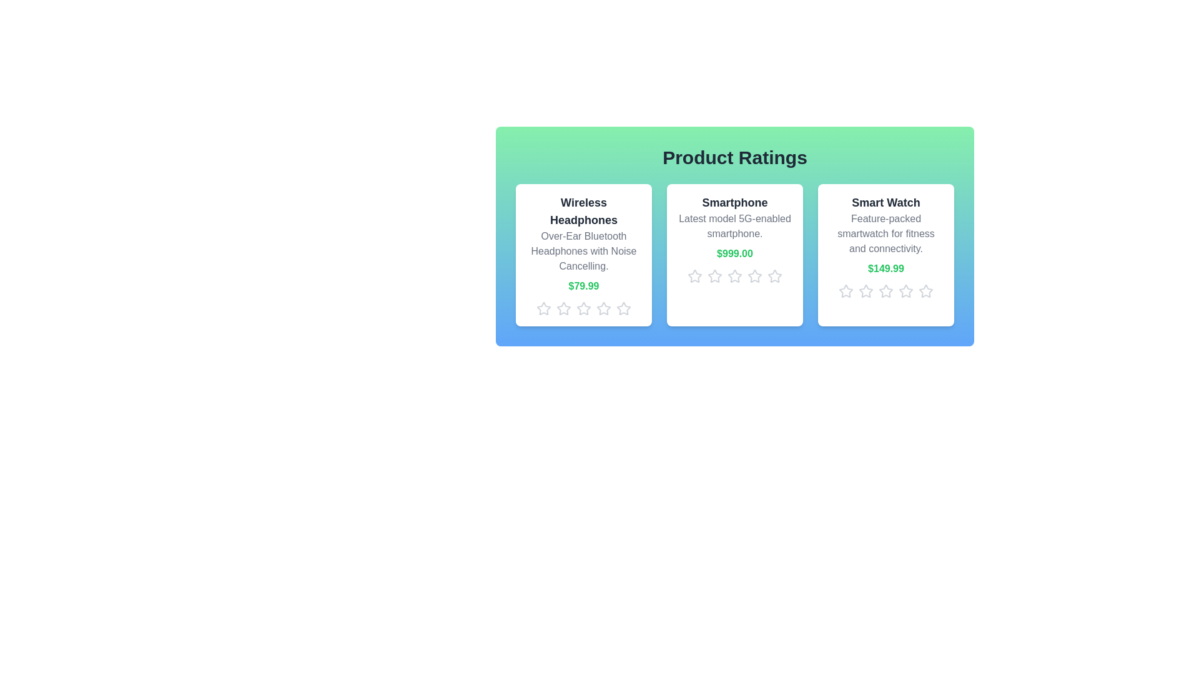 This screenshot has height=674, width=1199. What do you see at coordinates (774, 276) in the screenshot?
I see `the star icon corresponding to 5 stars for the product Smartphone` at bounding box center [774, 276].